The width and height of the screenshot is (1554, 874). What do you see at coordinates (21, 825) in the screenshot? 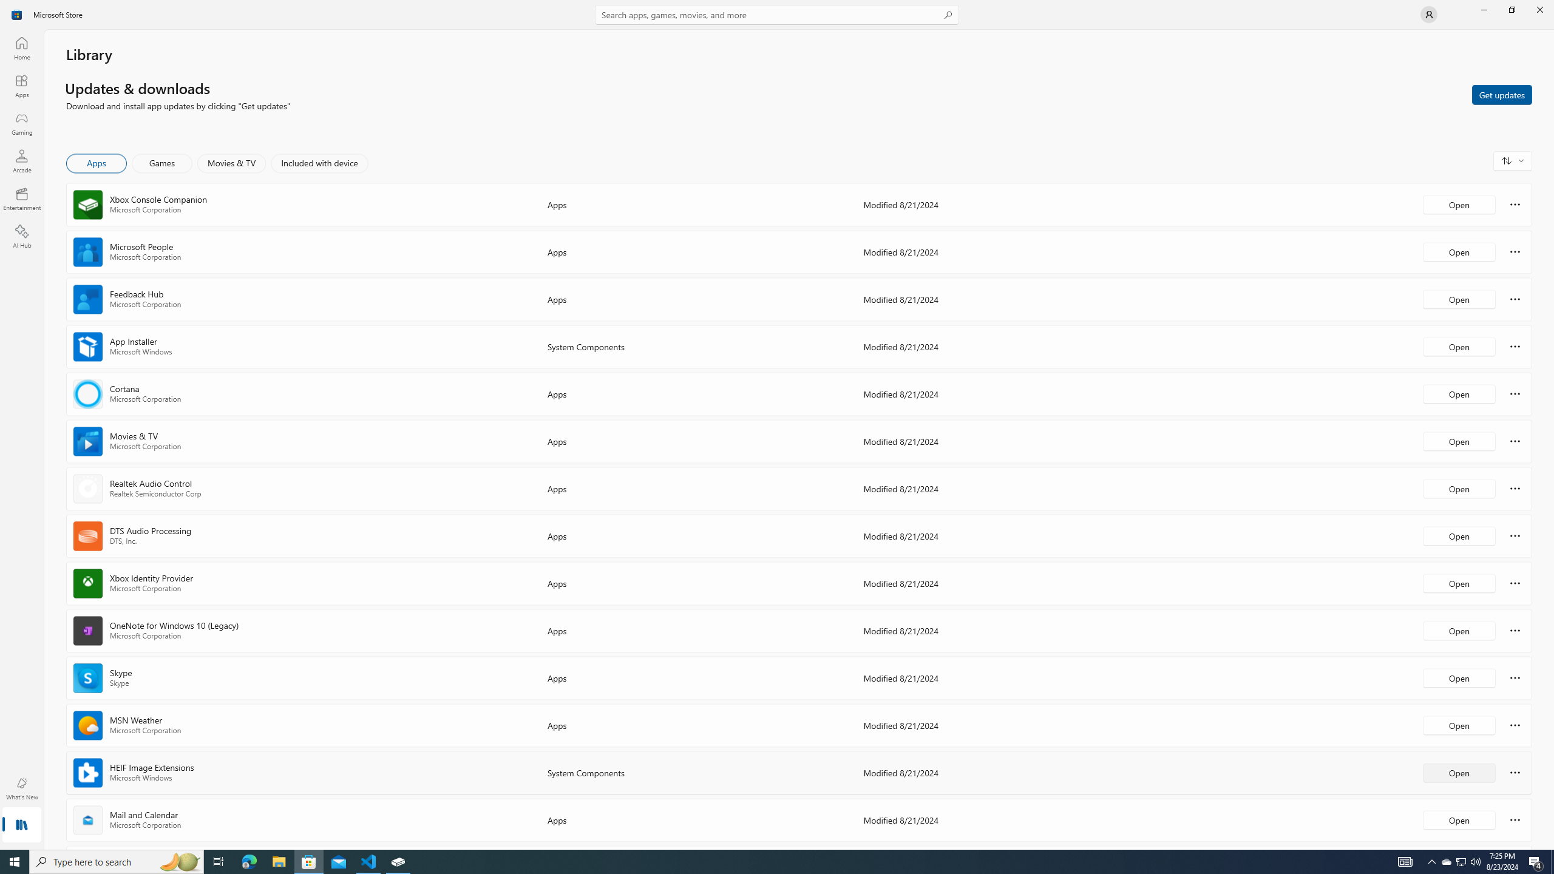
I see `'Library'` at bounding box center [21, 825].